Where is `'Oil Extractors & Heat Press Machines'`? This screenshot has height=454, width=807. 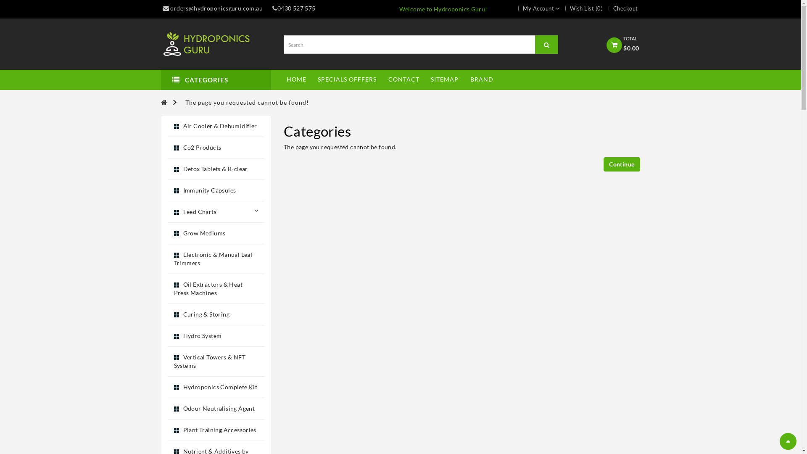
'Oil Extractors & Heat Press Machines' is located at coordinates (216, 288).